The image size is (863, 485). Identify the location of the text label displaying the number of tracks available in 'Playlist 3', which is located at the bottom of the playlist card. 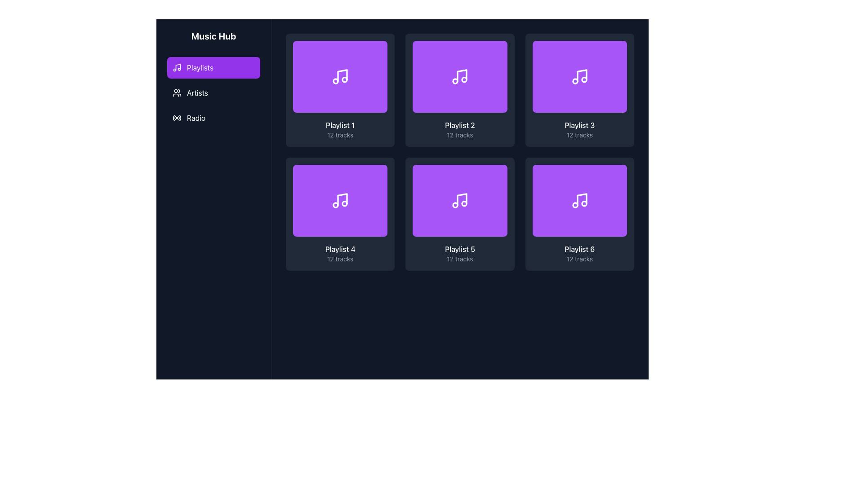
(579, 135).